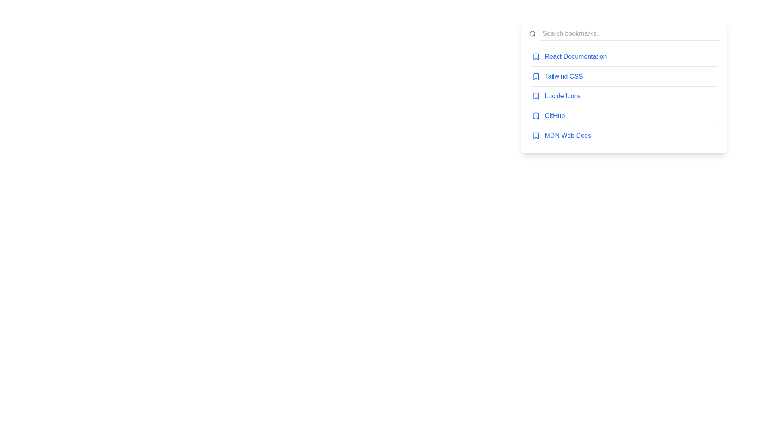  What do you see at coordinates (628, 33) in the screenshot?
I see `the center of the search input field to focus on it` at bounding box center [628, 33].